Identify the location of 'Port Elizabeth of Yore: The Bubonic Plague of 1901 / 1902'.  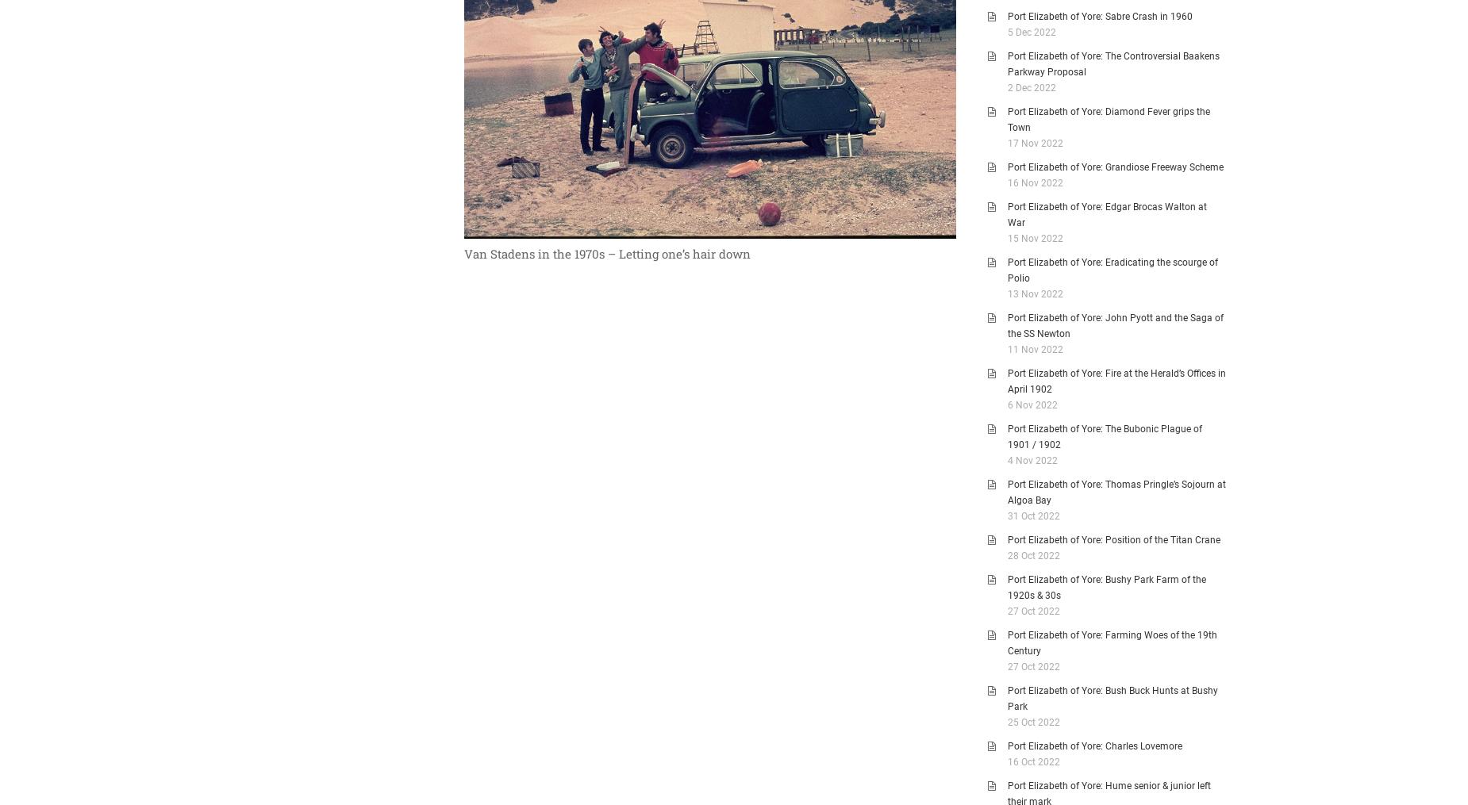
(1105, 437).